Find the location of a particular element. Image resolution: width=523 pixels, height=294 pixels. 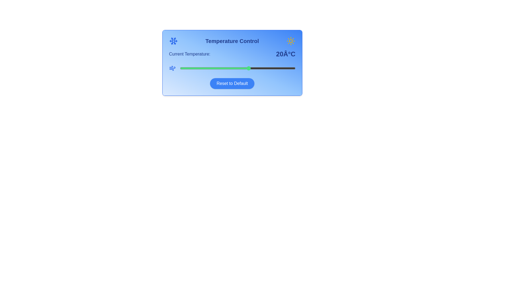

the temperature slider is located at coordinates (242, 68).